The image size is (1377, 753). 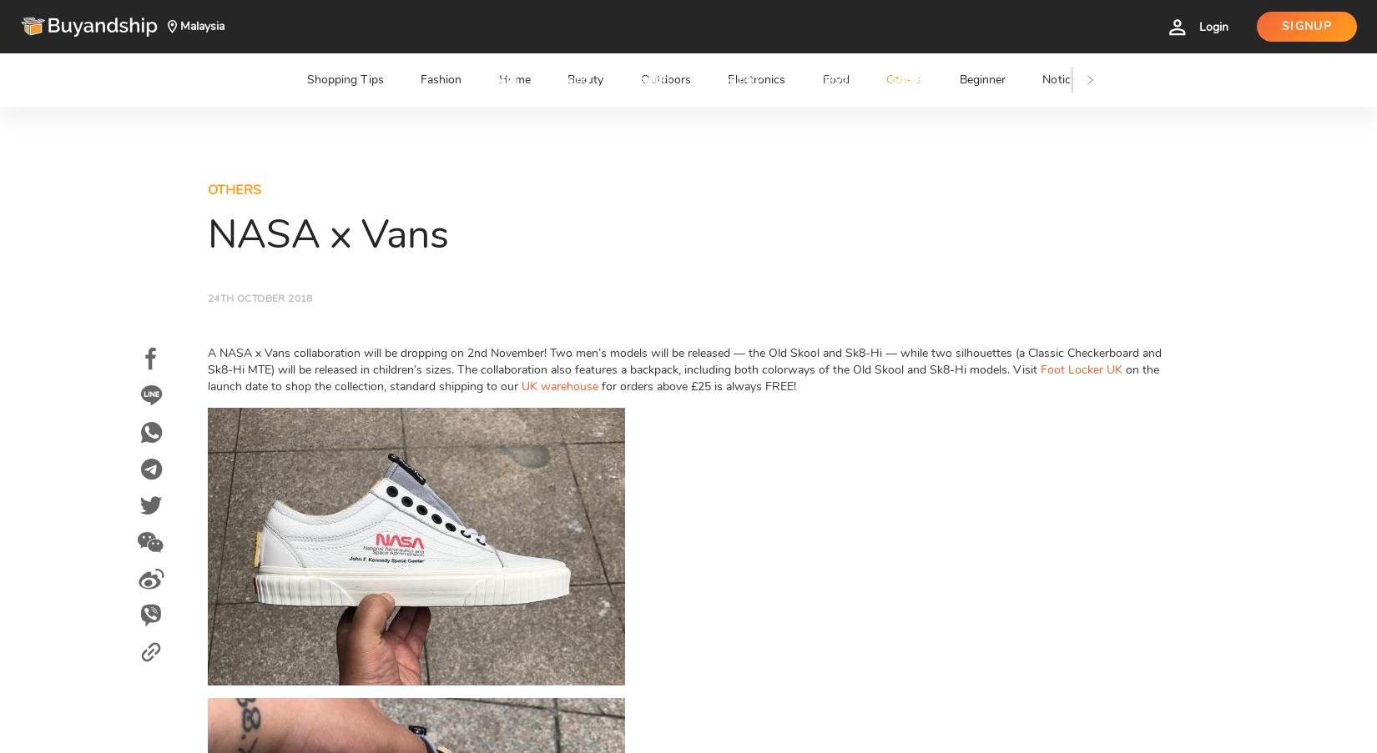 I want to click on 'on the launch date to shop the collection, standard shipping to our', so click(x=683, y=378).